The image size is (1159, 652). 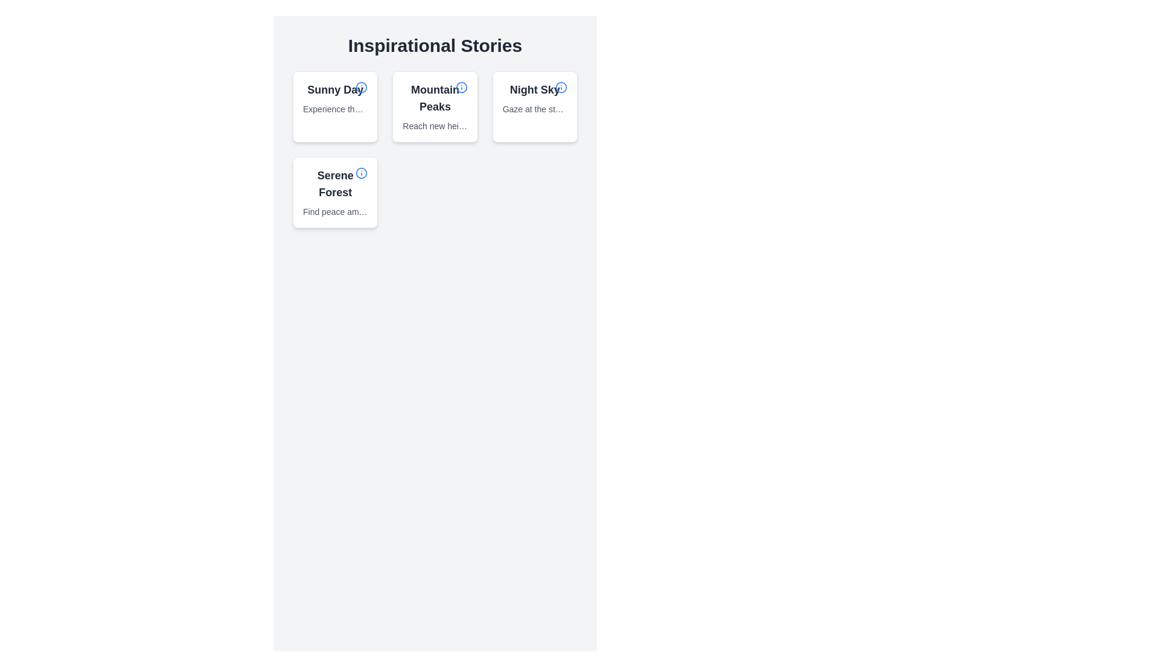 I want to click on text label that is styled with a small font size and gray color, containing the text 'Gaze at the starry night and immerse in the cosmos.', located below the title 'Night Sky' within the content card, so click(x=534, y=109).